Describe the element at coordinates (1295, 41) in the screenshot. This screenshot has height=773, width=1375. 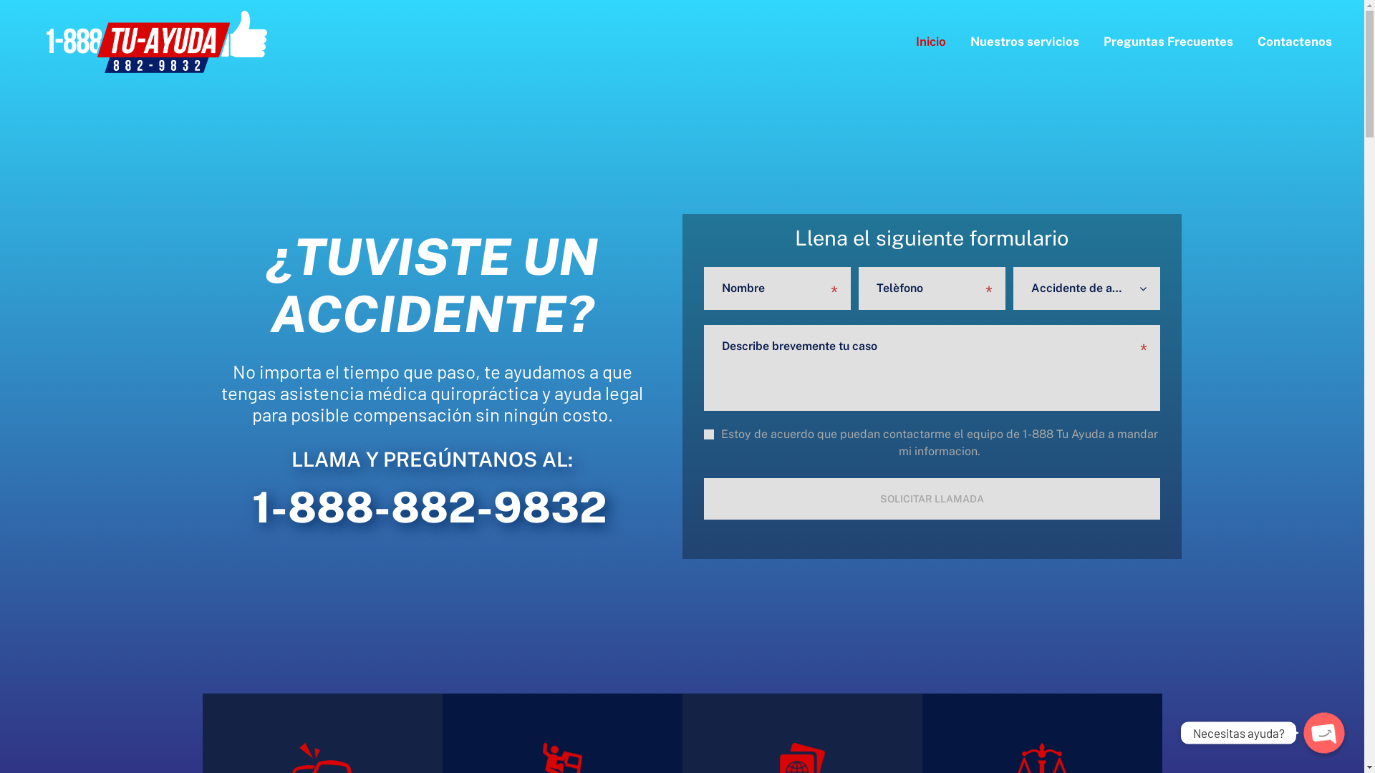
I see `'Contactenos'` at that location.